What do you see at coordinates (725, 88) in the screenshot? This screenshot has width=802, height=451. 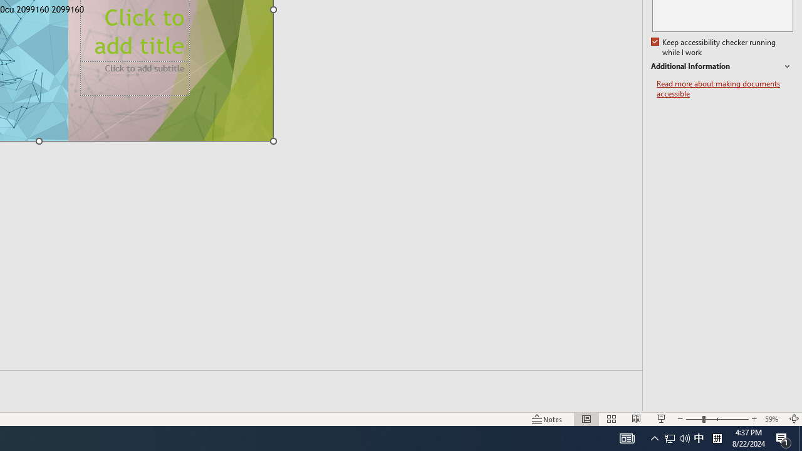 I see `'Read more about making documents accessible'` at bounding box center [725, 88].